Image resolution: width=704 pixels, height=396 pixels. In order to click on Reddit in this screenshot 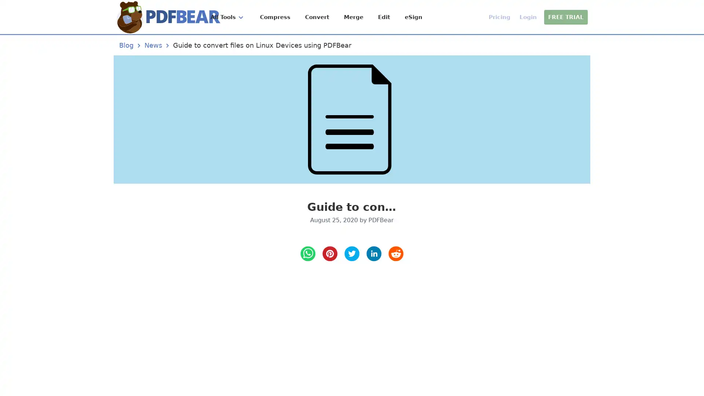, I will do `click(396, 253)`.